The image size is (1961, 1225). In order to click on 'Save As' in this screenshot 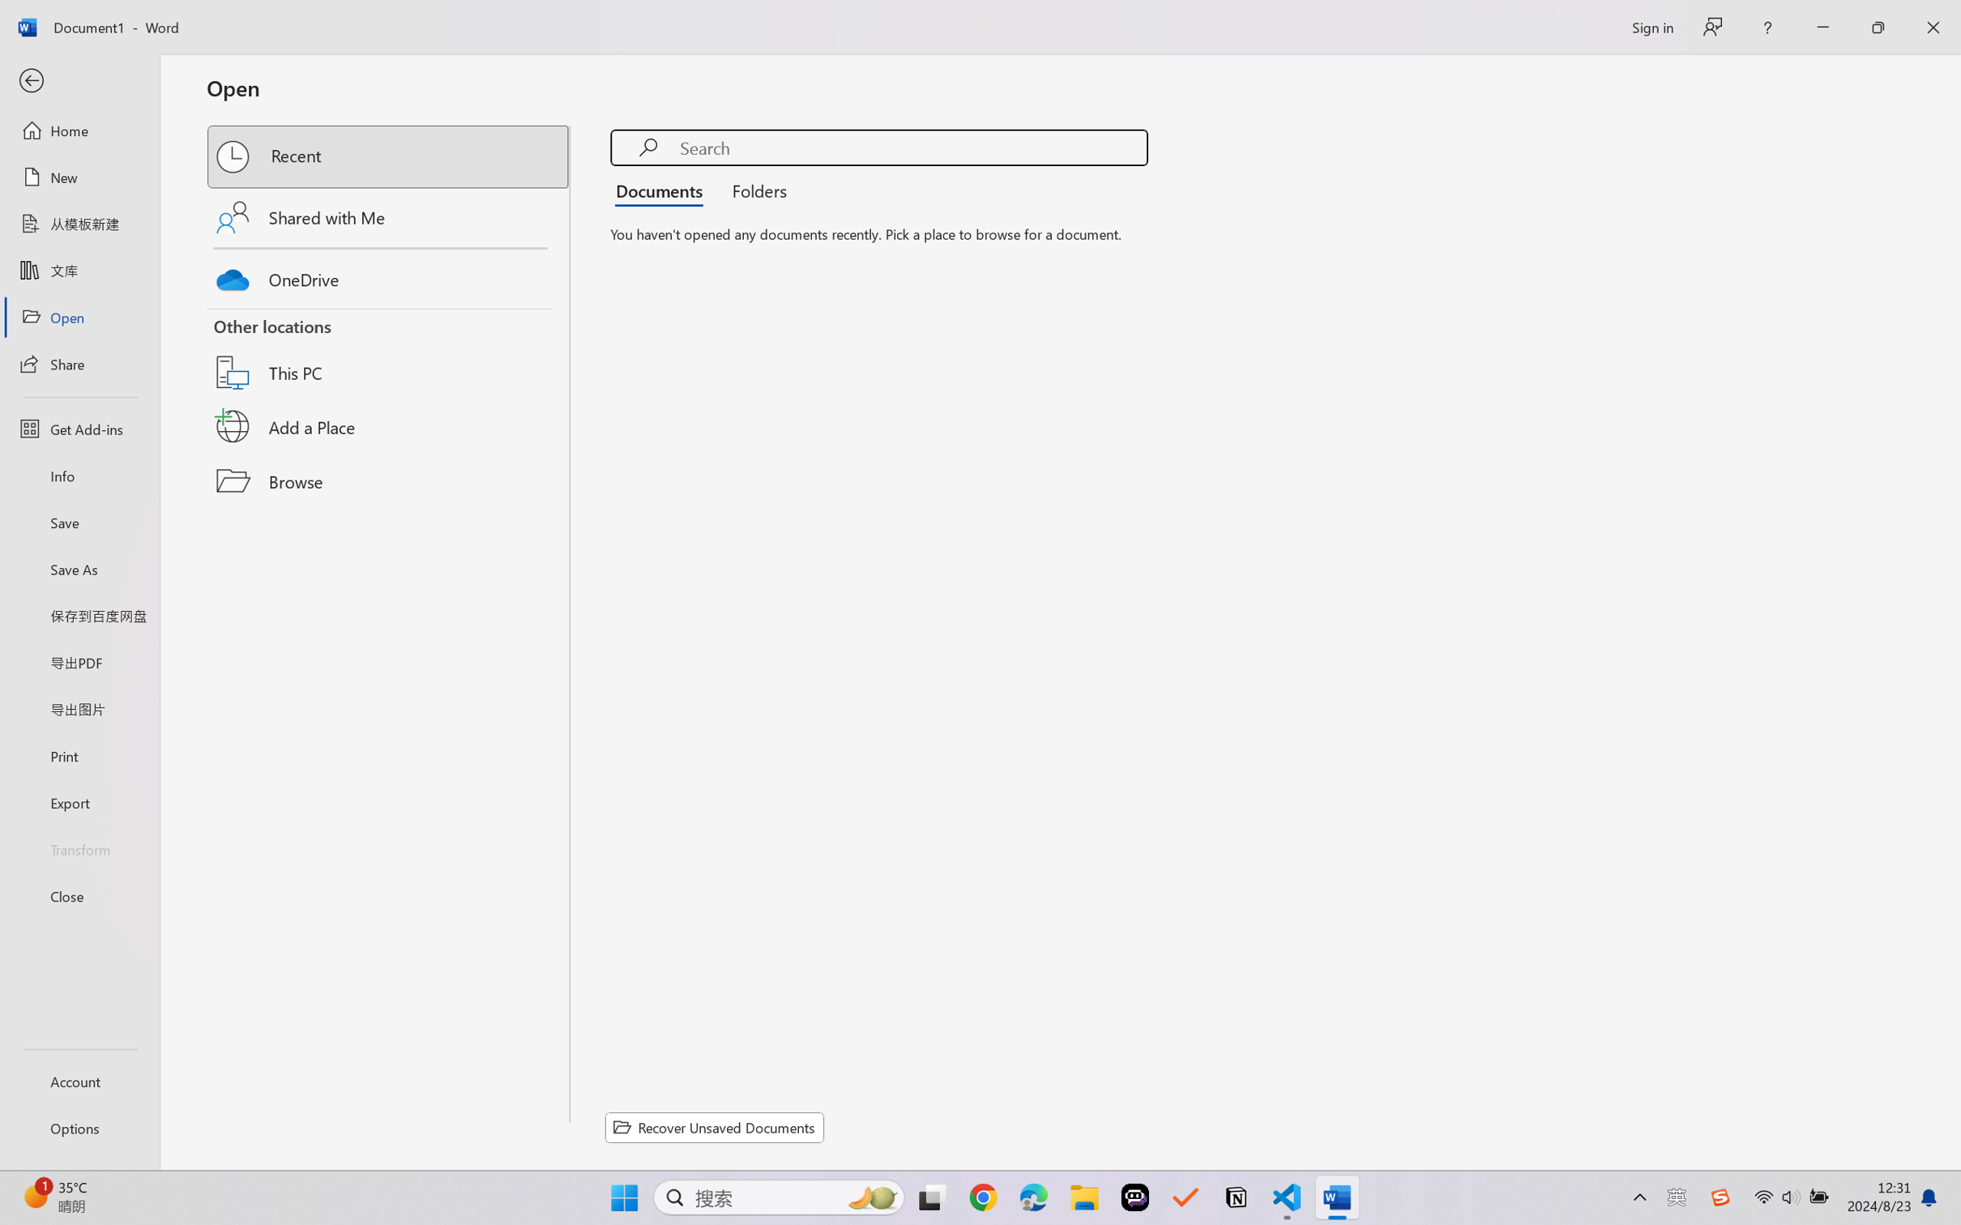, I will do `click(79, 569)`.